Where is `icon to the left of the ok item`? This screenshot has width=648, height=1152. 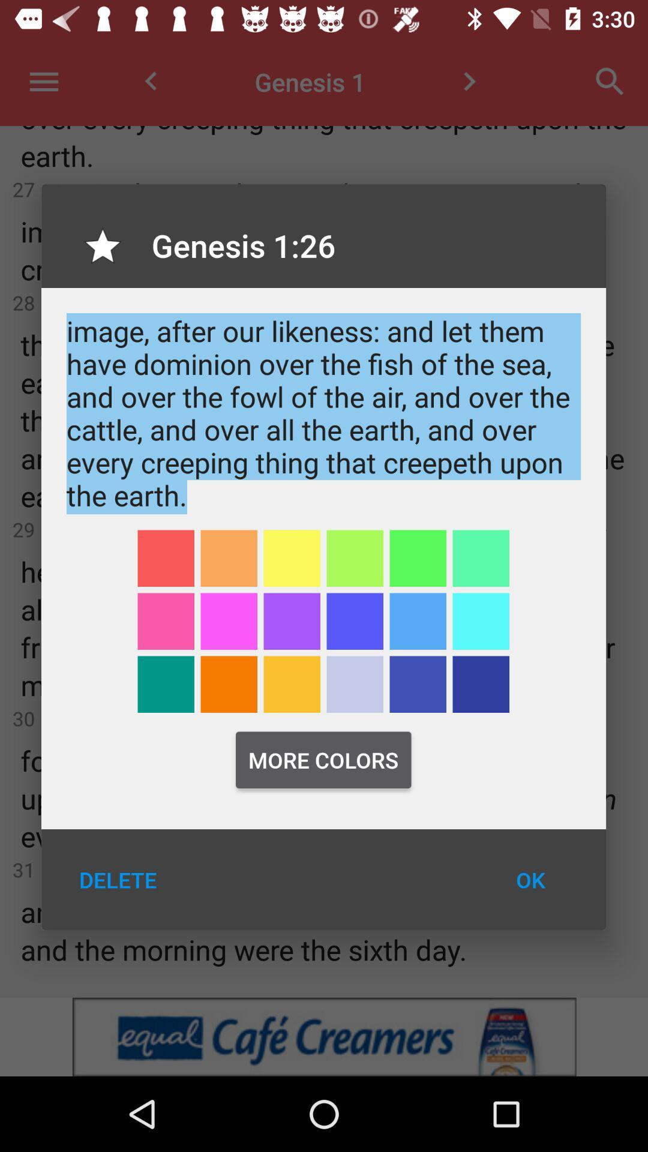 icon to the left of the ok item is located at coordinates (118, 880).